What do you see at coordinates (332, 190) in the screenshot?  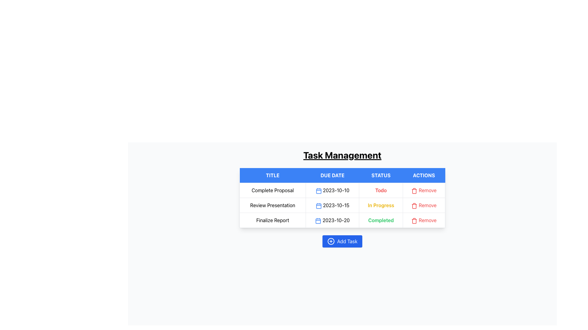 I see `the Date display with icon located in the second column, first row under the 'DUE DATE' header to interact with the due date for a task` at bounding box center [332, 190].